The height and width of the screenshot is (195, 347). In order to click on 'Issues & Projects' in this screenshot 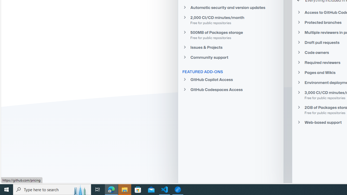, I will do `click(231, 47)`.